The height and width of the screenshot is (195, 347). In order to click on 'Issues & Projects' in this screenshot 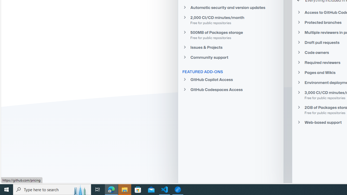, I will do `click(231, 47)`.